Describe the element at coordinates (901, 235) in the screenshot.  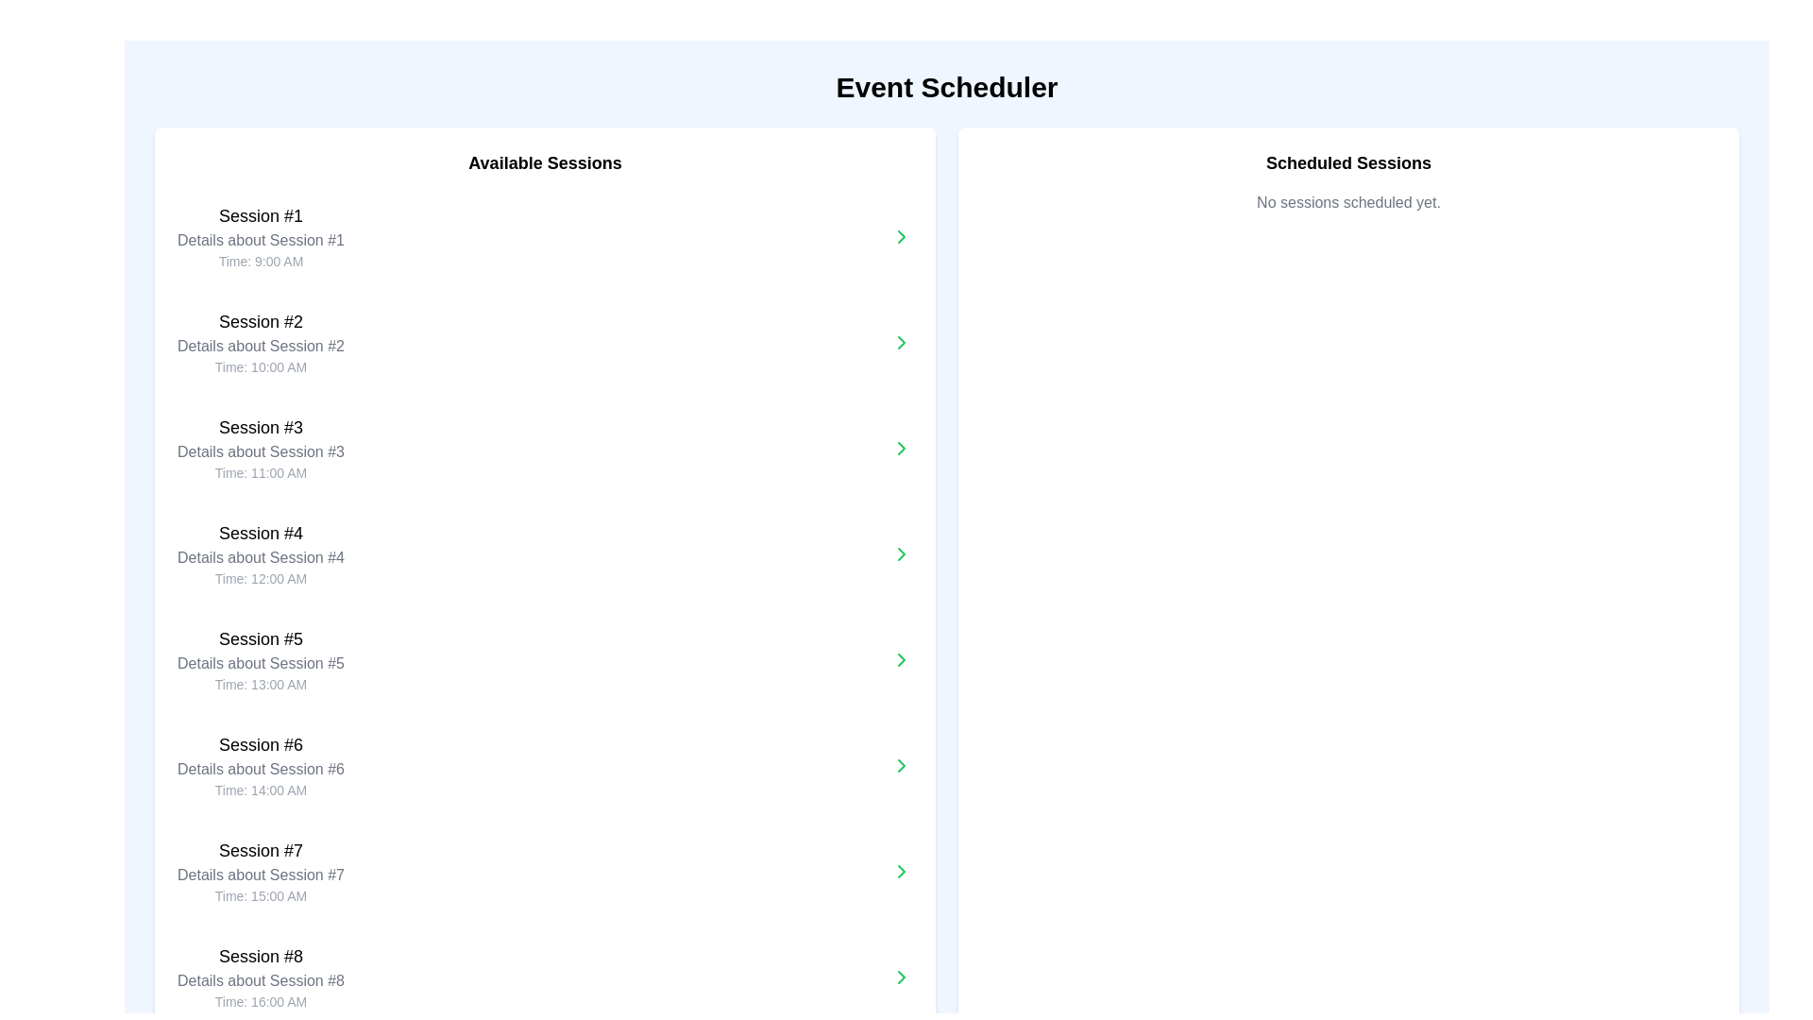
I see `the navigation icon for the first session in the 'Available Sessions' panel` at that location.